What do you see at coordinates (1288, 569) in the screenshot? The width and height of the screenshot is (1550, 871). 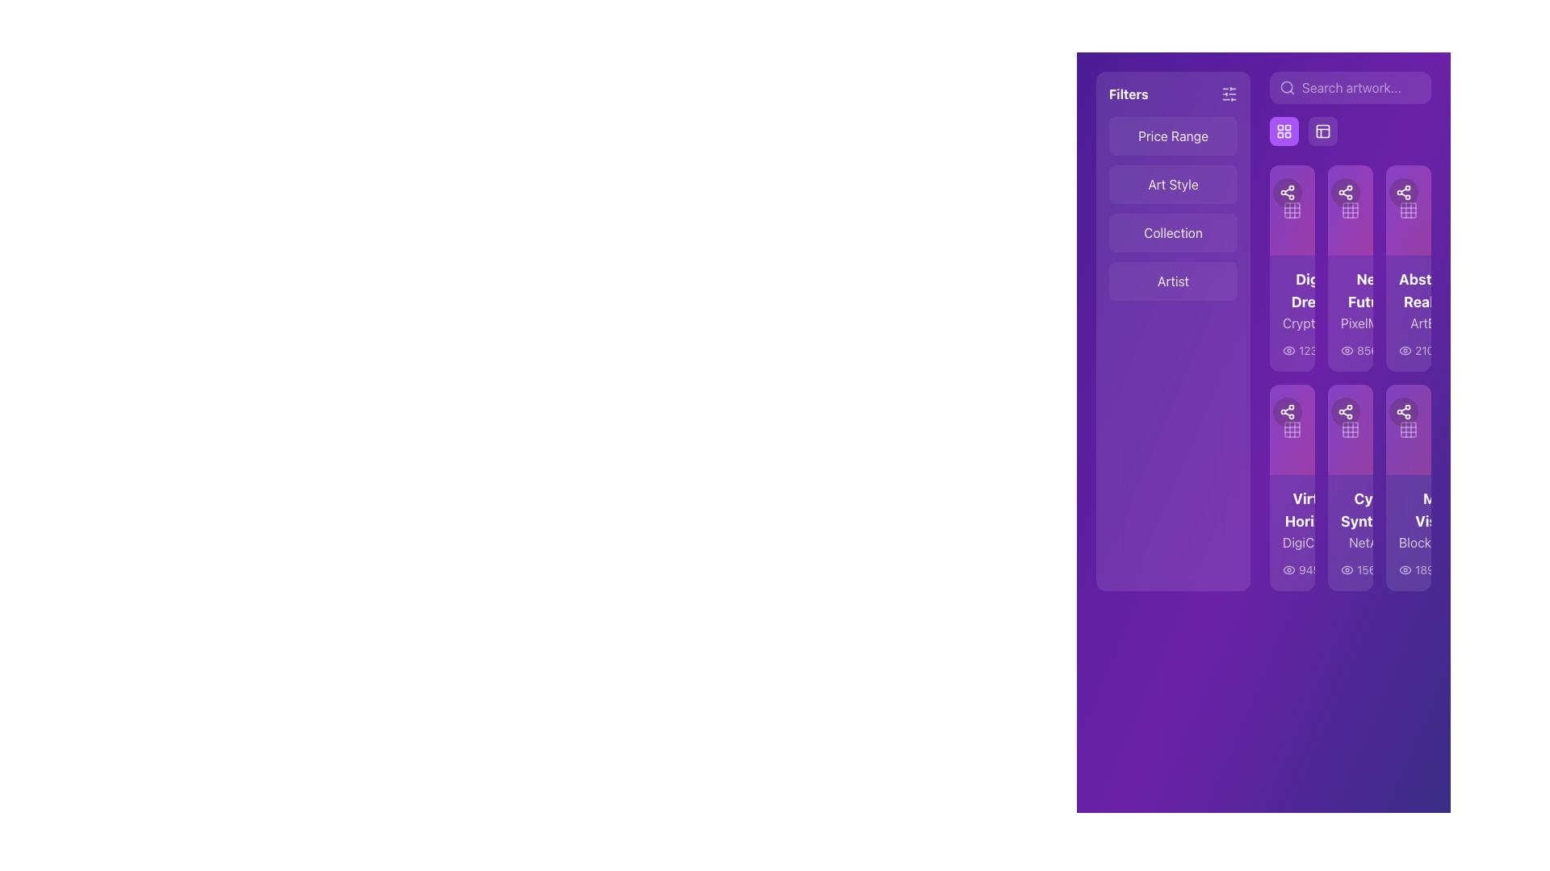 I see `the eye icon that symbolizes 'views' or 'visibility', positioned to the left of the numeric text '945' under the title 'Virtual Horizons'` at bounding box center [1288, 569].